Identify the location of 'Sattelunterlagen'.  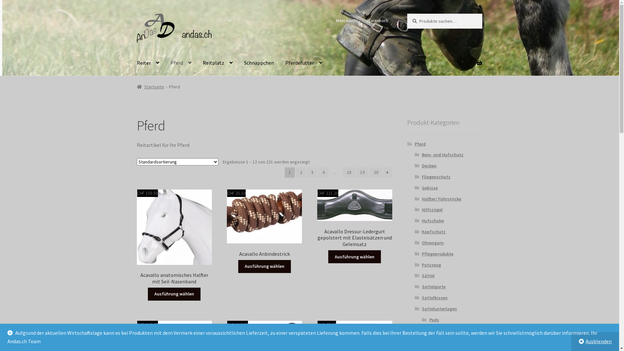
(439, 308).